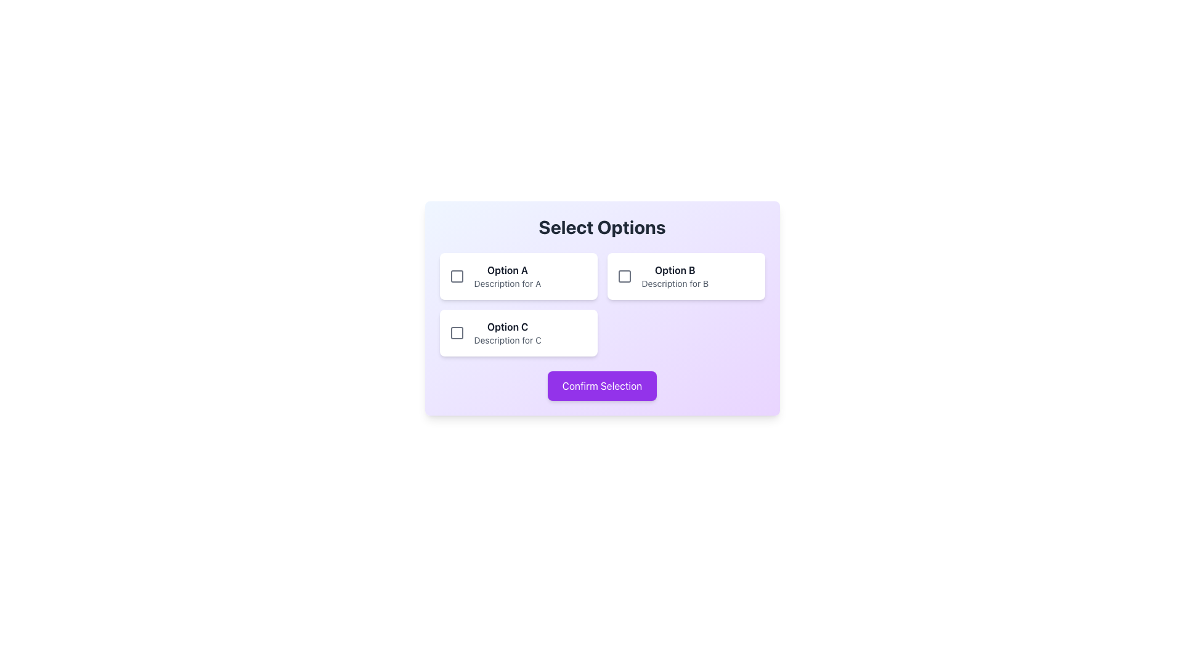  What do you see at coordinates (456, 275) in the screenshot?
I see `keyboard navigation` at bounding box center [456, 275].